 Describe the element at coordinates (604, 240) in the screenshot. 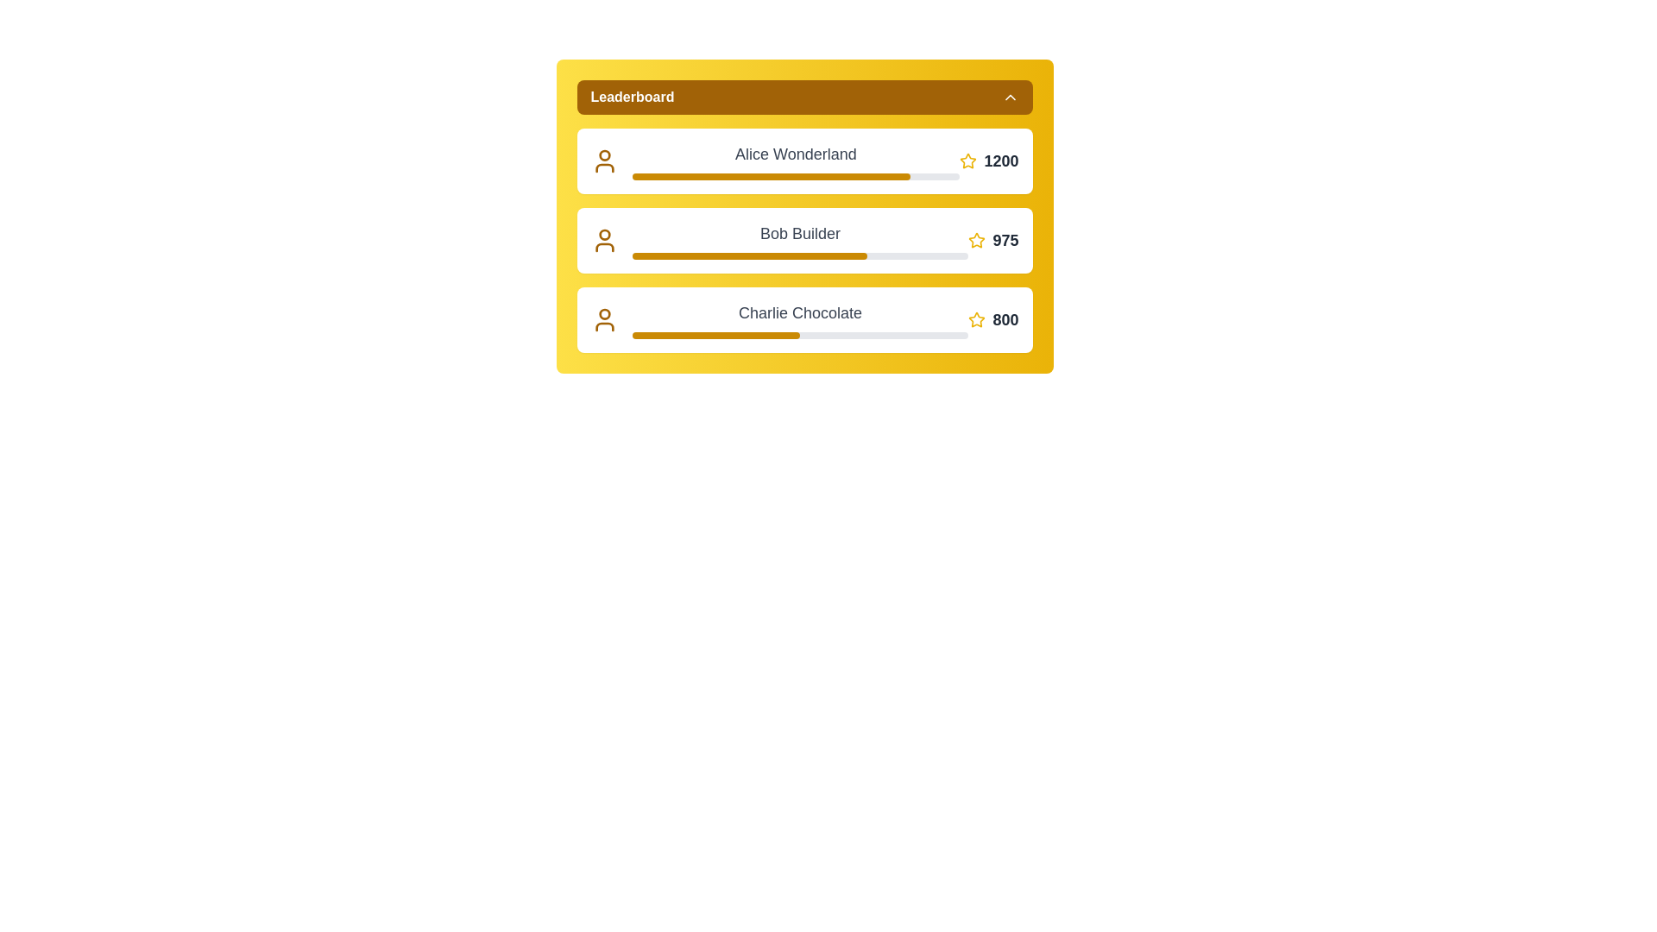

I see `the user icon, a yellow outline of a person, located to the left of the name 'Bob Builder' in the second entry of the leaderboard` at that location.